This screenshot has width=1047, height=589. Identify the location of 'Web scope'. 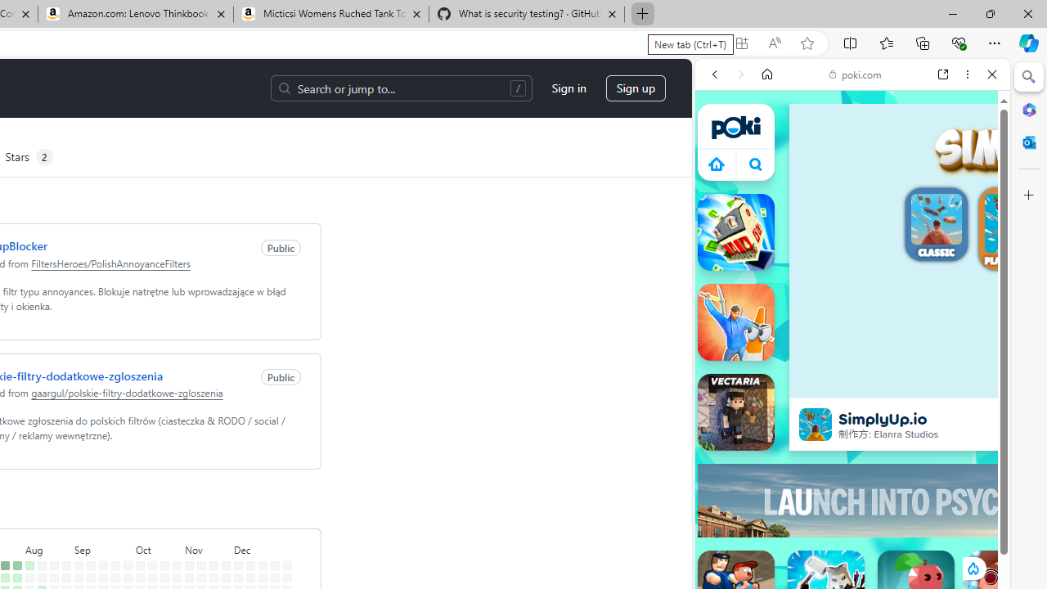
(721, 147).